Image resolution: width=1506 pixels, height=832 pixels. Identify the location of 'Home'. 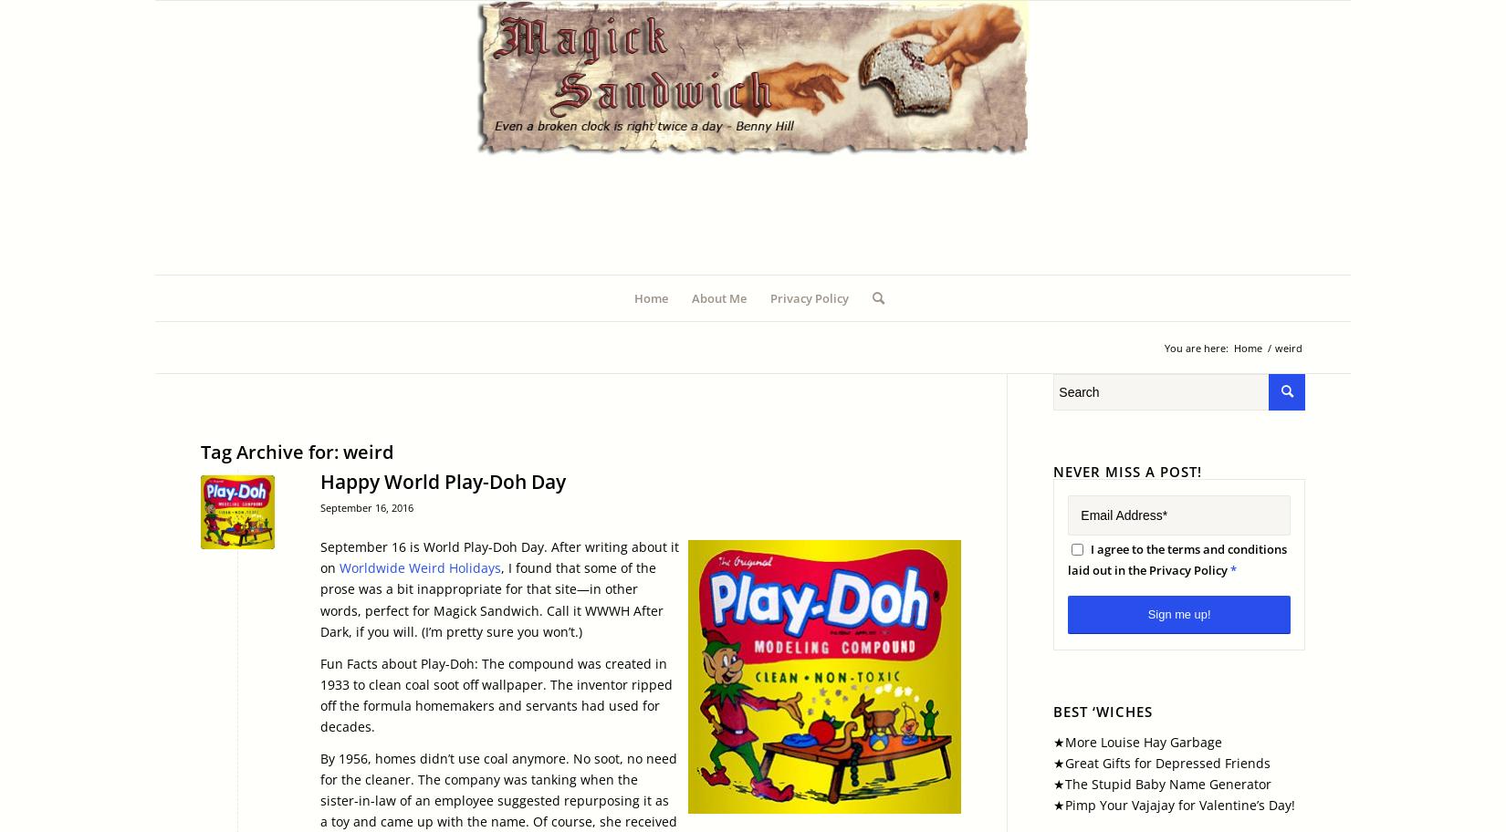
(649, 298).